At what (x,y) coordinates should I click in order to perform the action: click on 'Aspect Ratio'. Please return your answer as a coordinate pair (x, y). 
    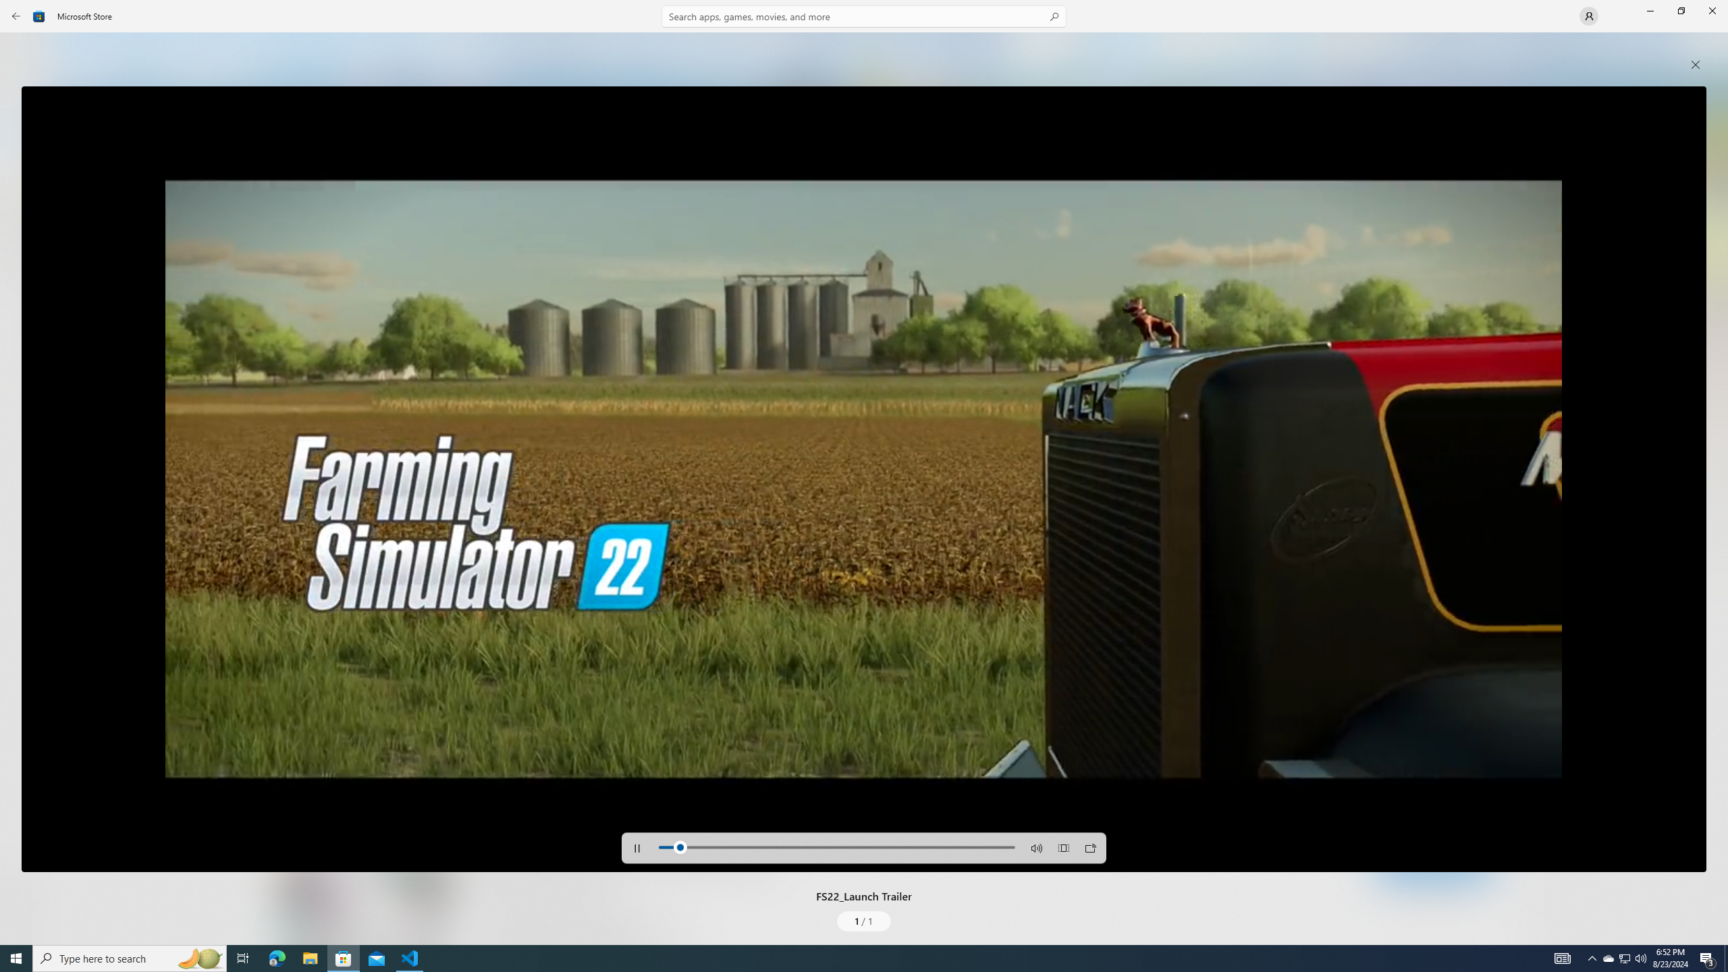
    Looking at the image, I should click on (1062, 847).